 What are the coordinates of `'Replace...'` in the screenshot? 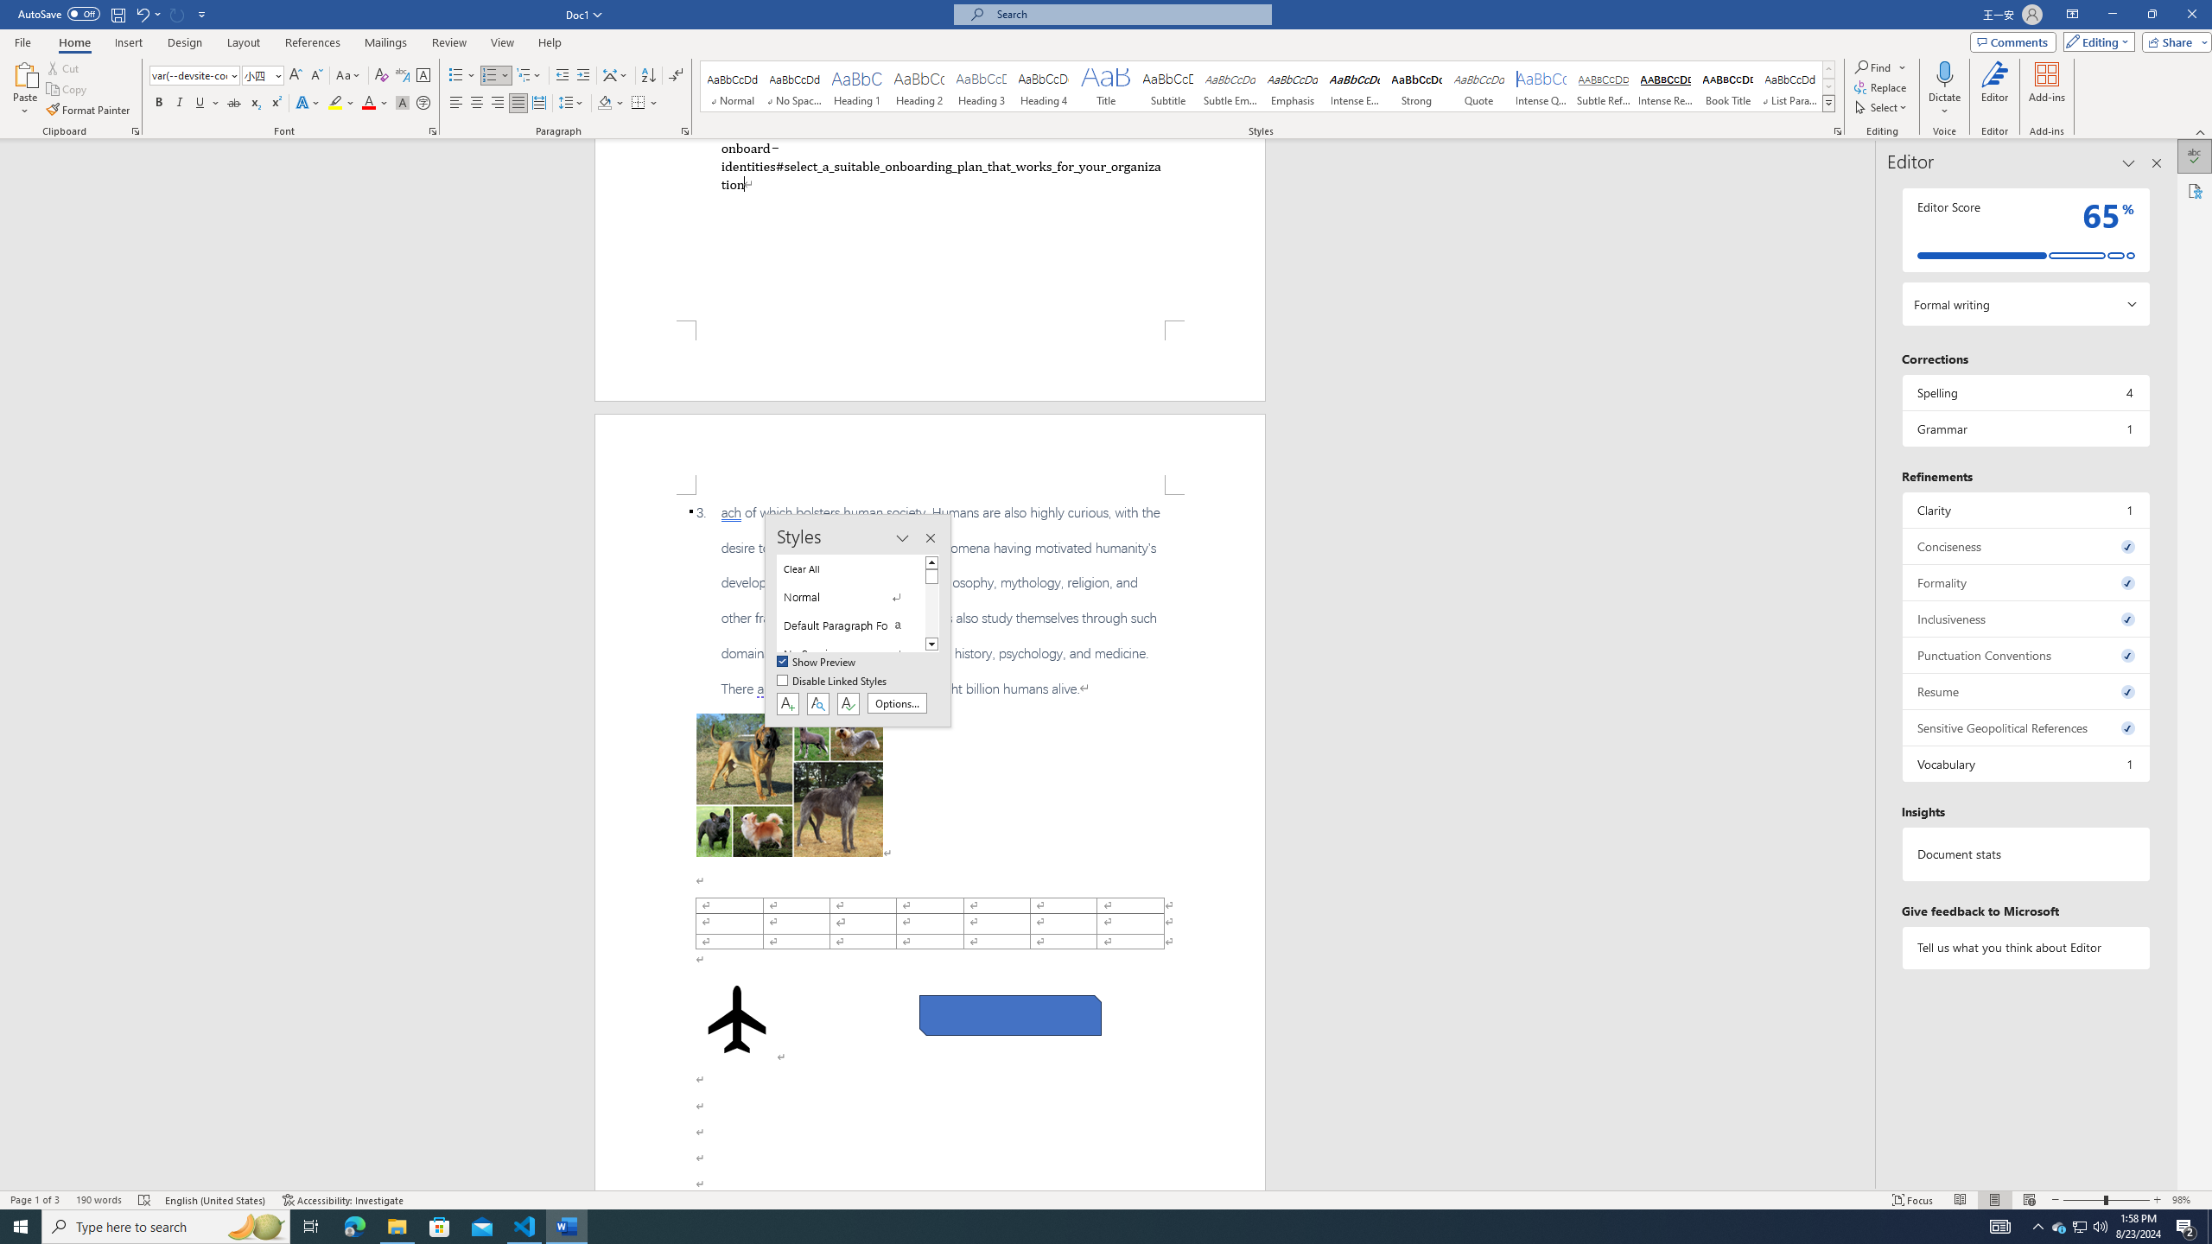 It's located at (1880, 86).